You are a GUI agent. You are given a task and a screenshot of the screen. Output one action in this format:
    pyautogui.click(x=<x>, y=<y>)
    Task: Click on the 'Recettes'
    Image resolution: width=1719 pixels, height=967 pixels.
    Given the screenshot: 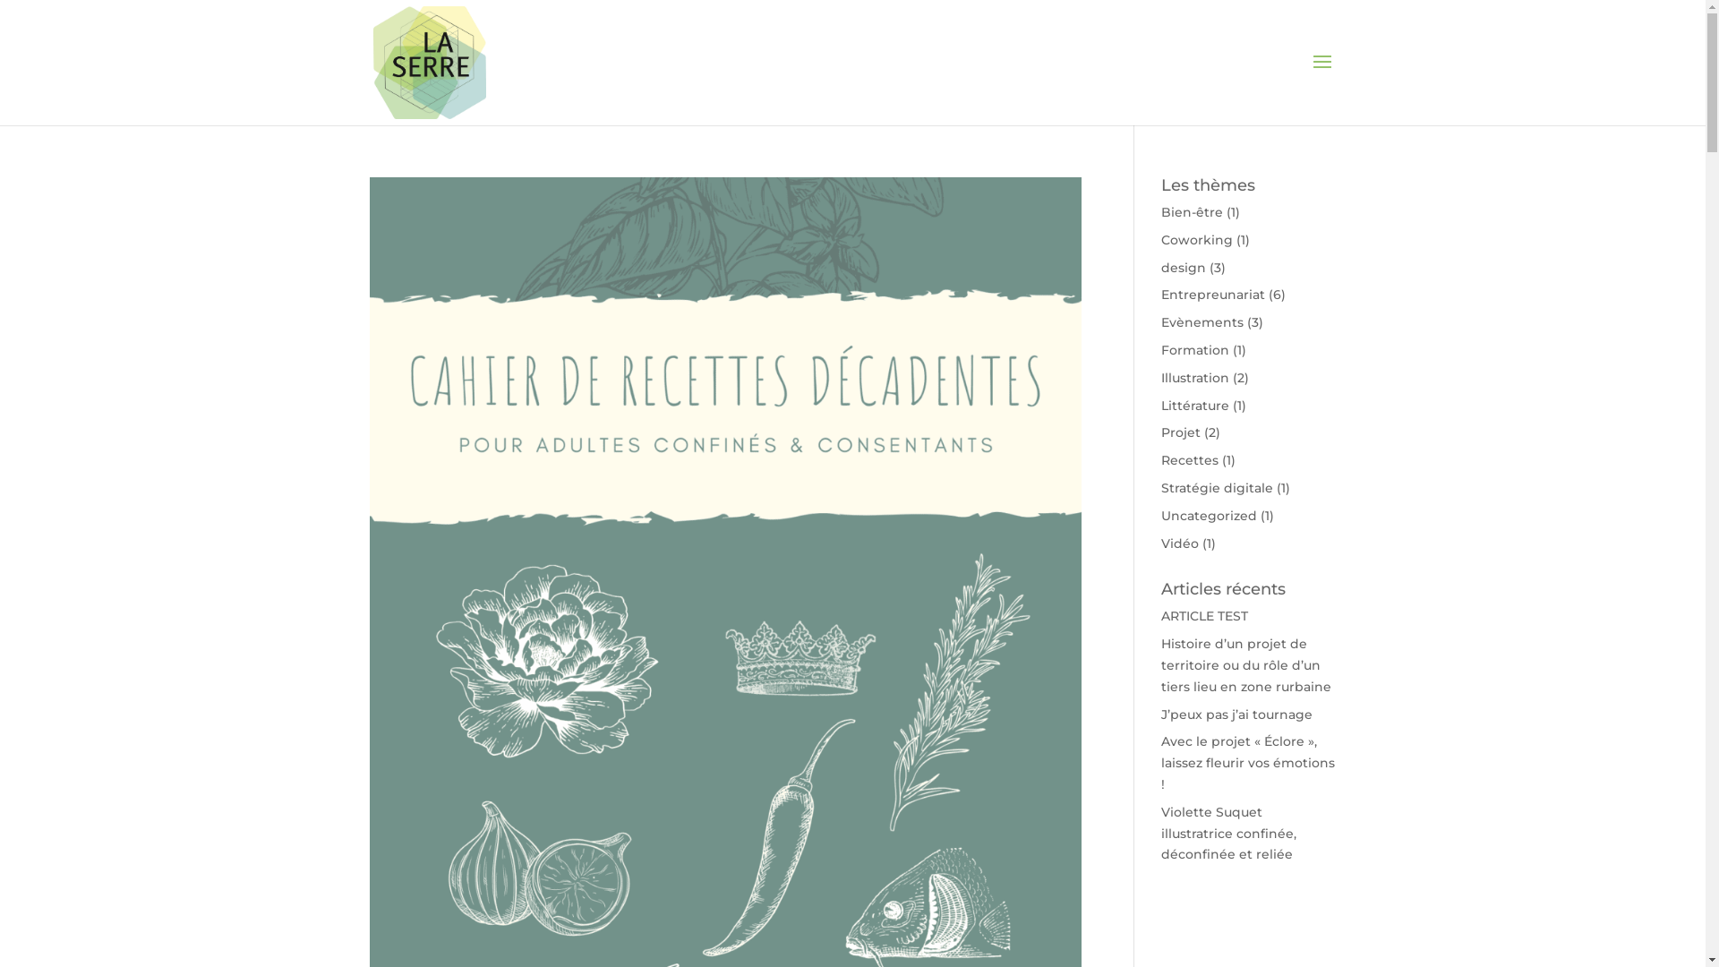 What is the action you would take?
    pyautogui.click(x=1190, y=458)
    